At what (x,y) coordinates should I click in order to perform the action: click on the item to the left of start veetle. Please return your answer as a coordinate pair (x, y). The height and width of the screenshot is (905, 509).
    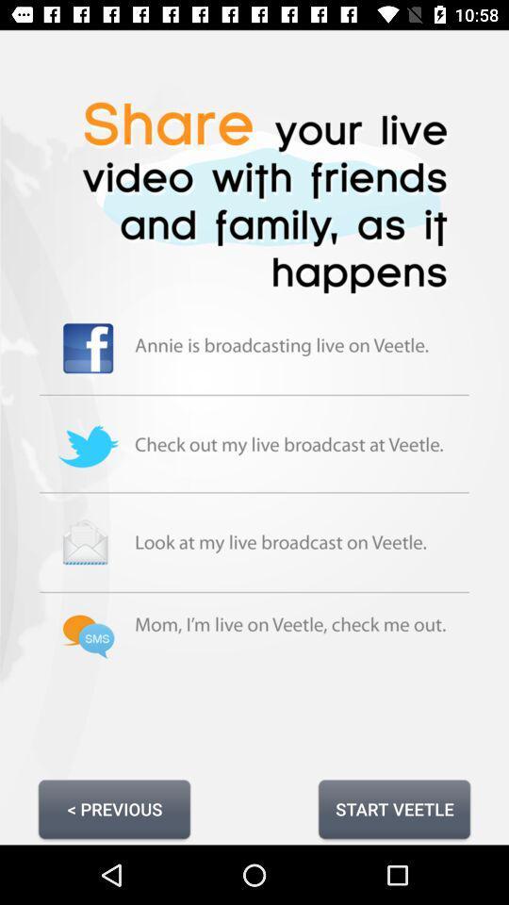
    Looking at the image, I should click on (114, 808).